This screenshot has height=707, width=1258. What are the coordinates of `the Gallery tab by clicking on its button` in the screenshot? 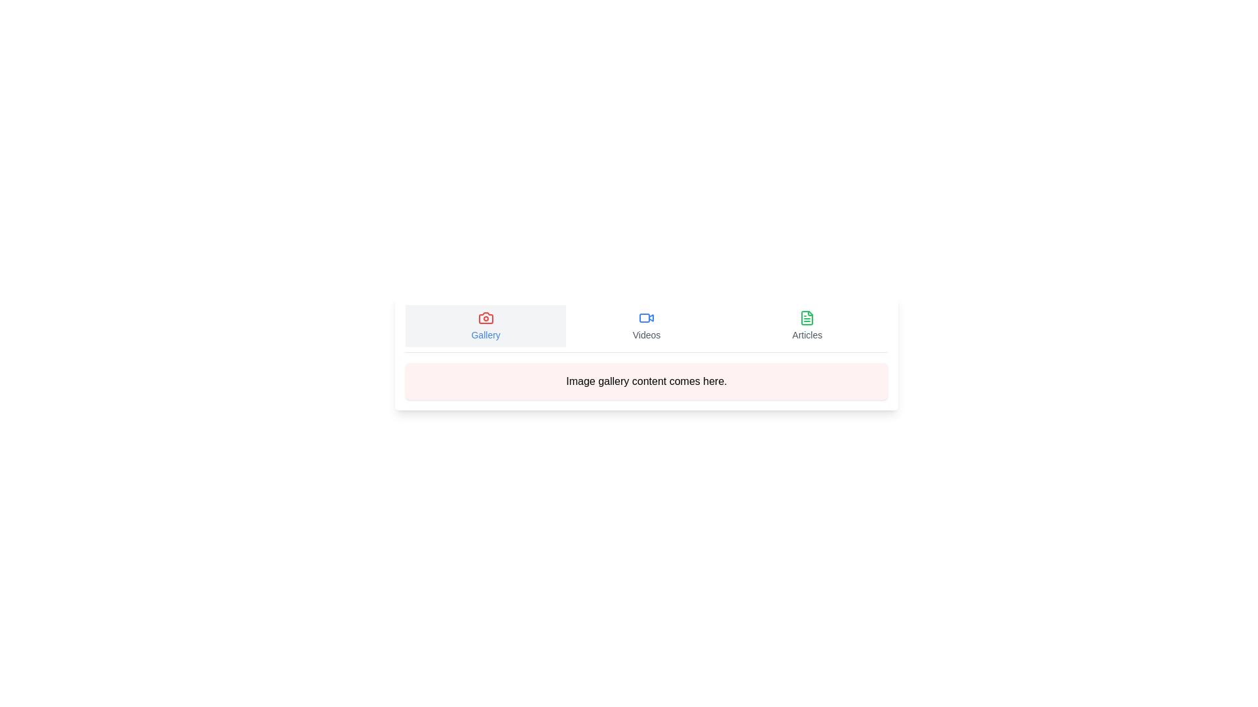 It's located at (485, 325).